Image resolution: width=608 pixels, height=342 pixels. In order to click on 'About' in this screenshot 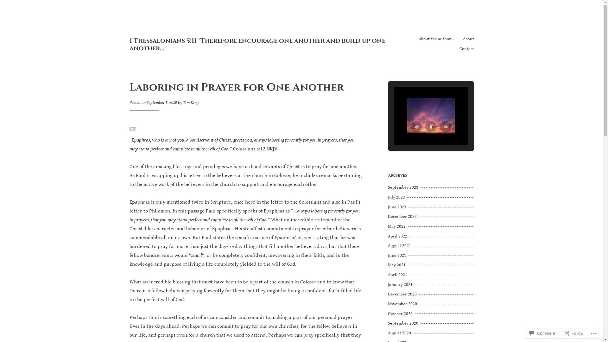, I will do `click(468, 39)`.